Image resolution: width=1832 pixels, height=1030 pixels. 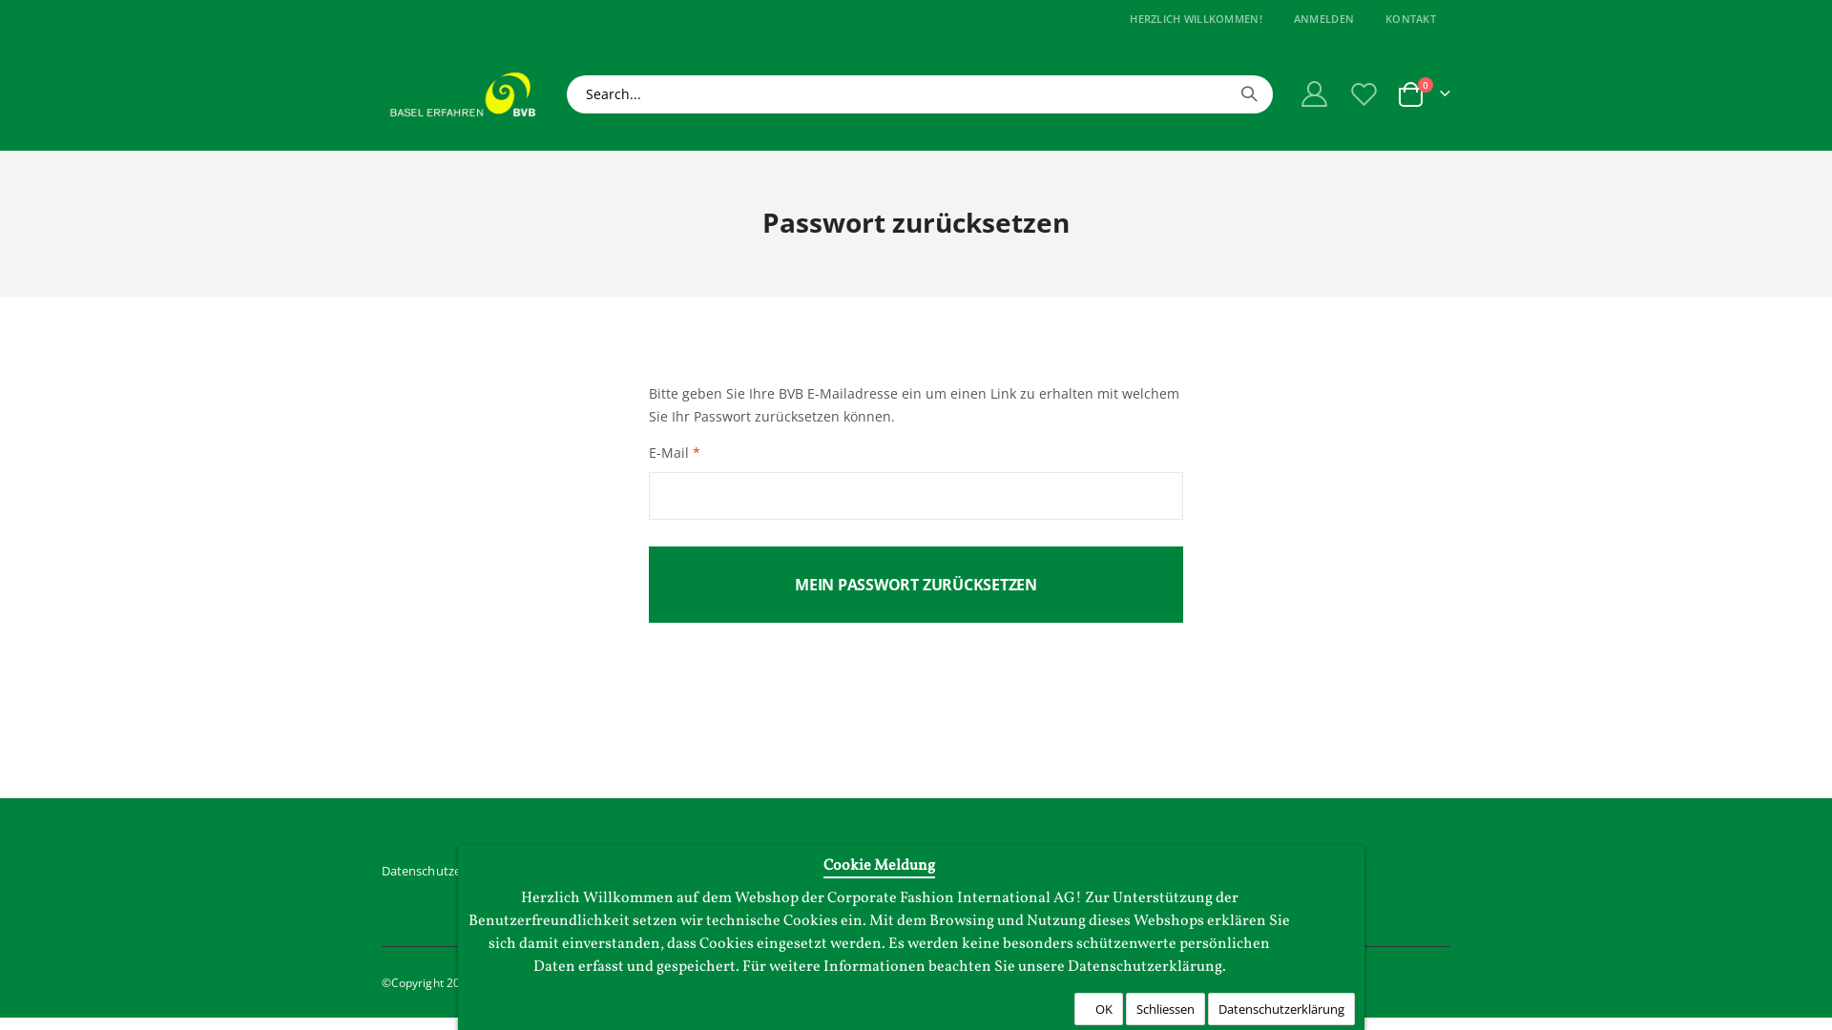 I want to click on 'KONTAKT', so click(x=1410, y=18).